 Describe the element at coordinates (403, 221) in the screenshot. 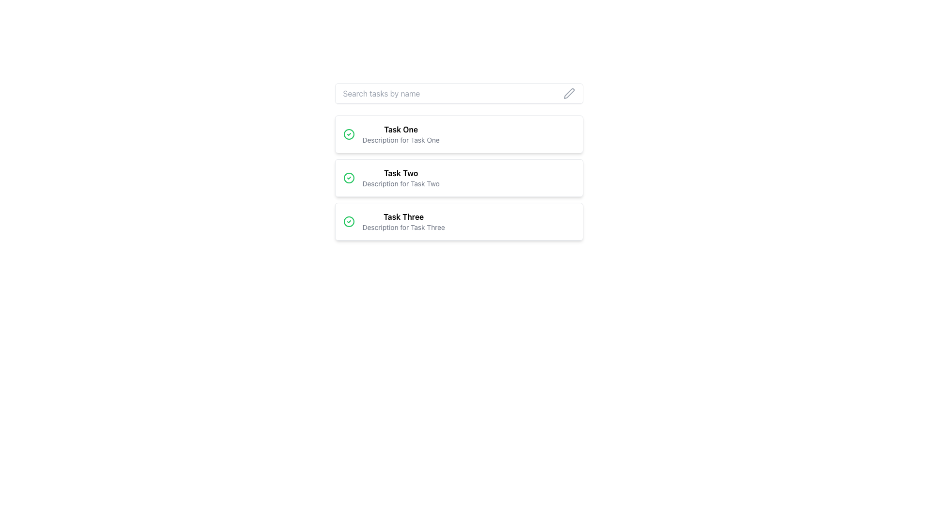

I see `the text block displaying the name and description of the task, which is the third item in a vertical list of task cards, centered horizontally within its card` at that location.